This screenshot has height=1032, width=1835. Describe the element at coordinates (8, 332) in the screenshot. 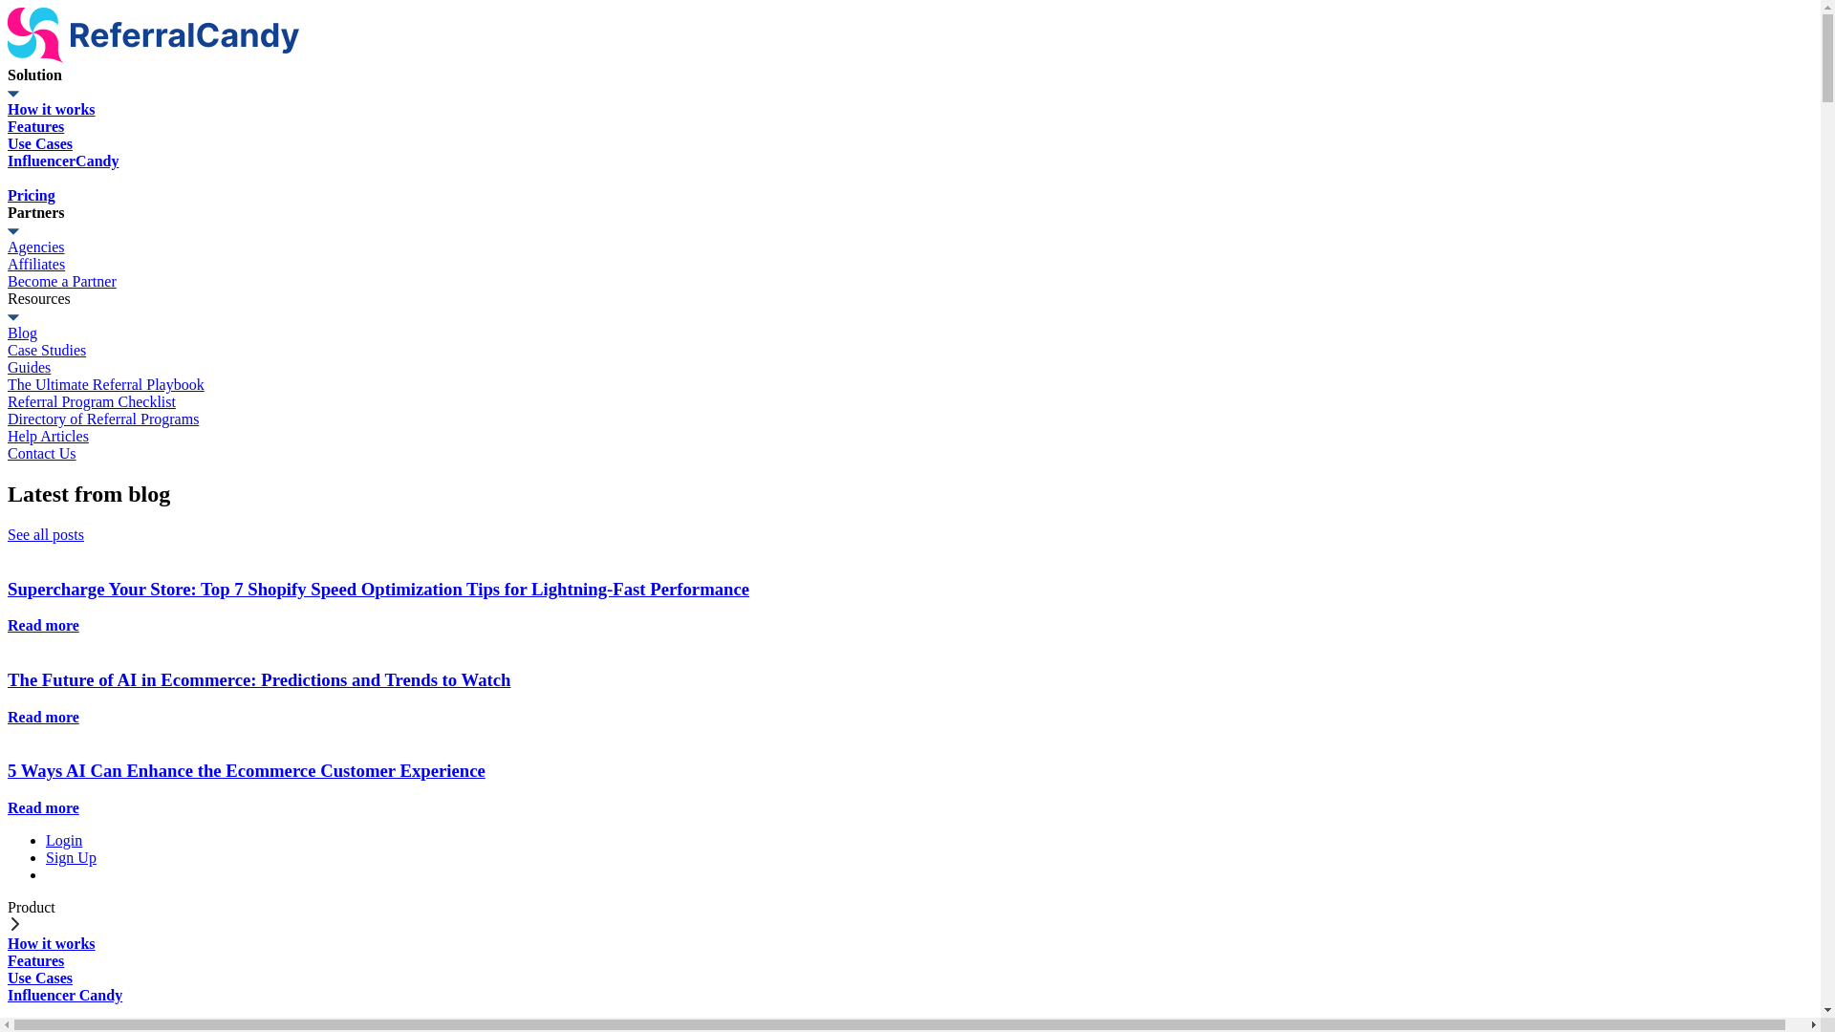

I see `'Blog'` at that location.